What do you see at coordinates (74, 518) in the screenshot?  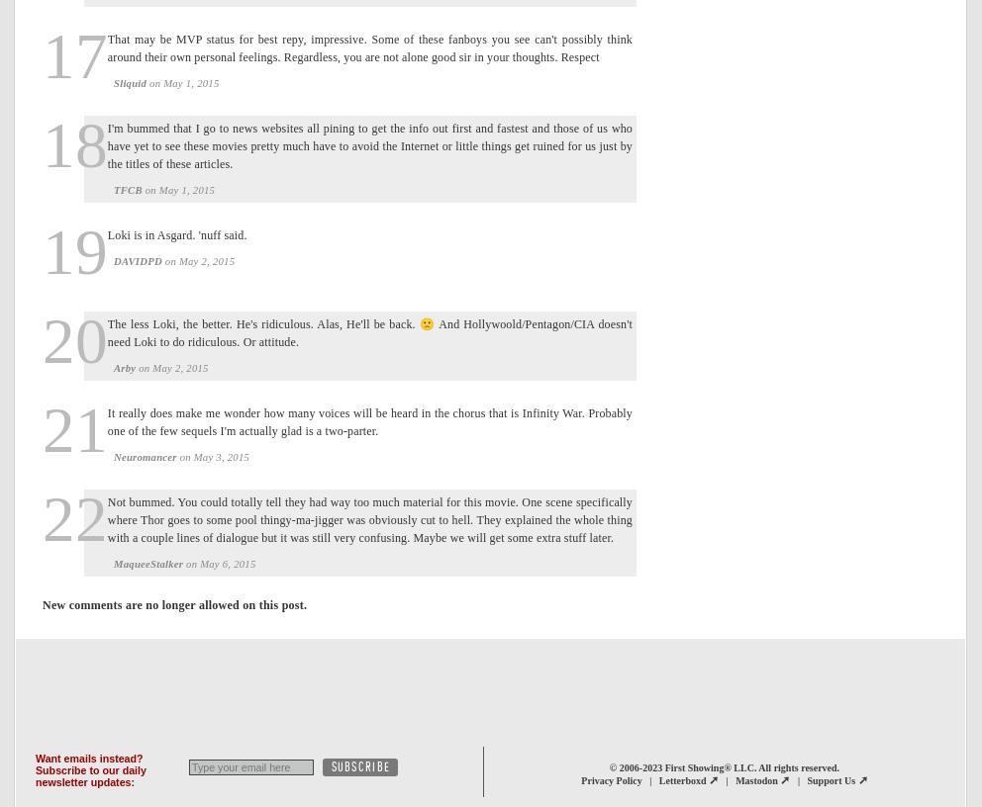 I see `'22'` at bounding box center [74, 518].